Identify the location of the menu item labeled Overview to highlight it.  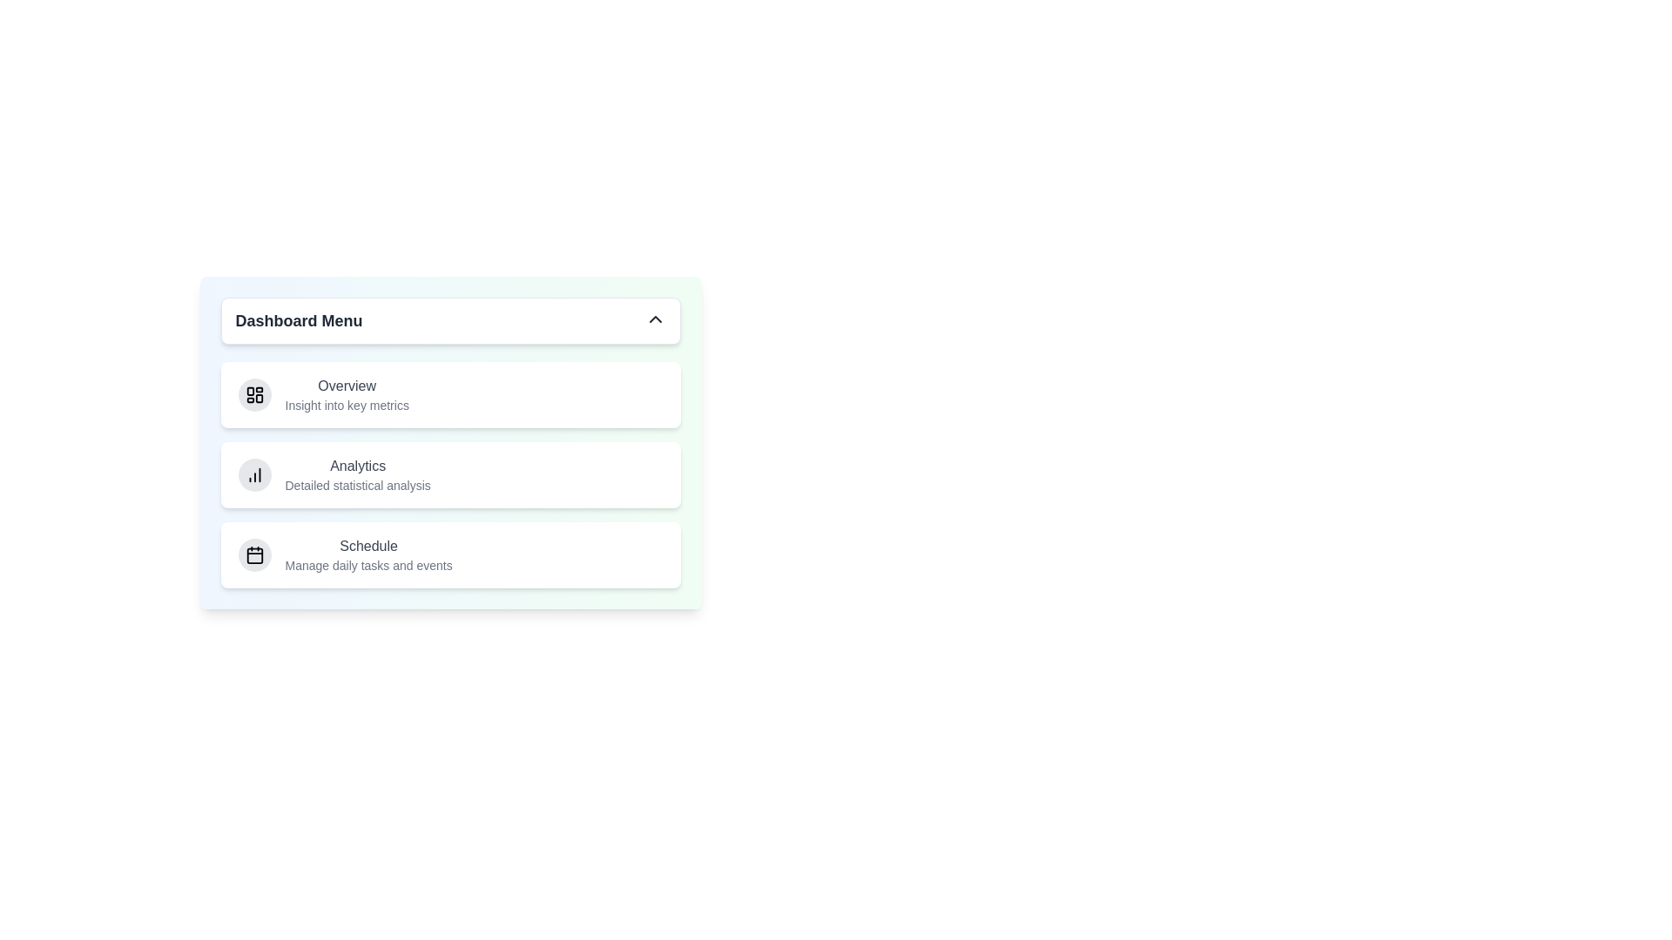
(347, 385).